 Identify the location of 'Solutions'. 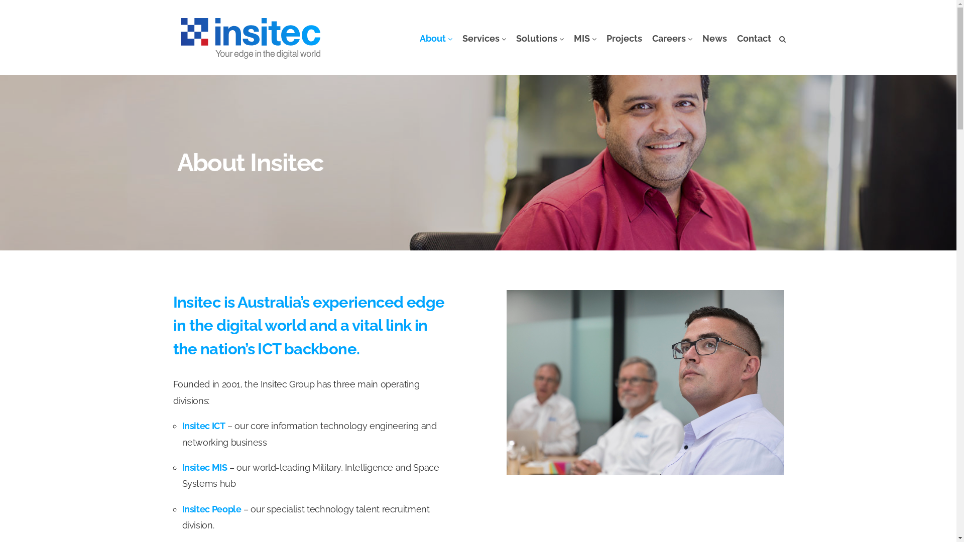
(512, 38).